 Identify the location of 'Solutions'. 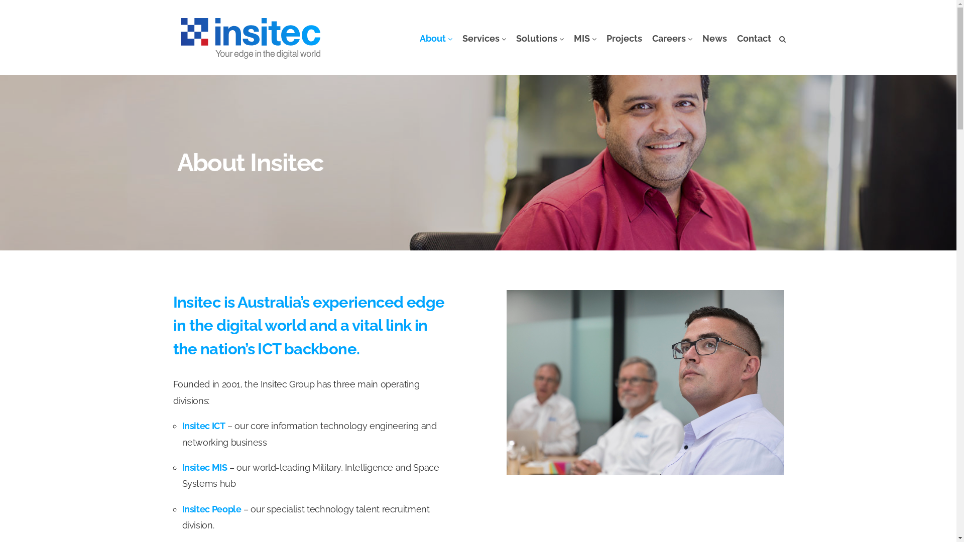
(512, 38).